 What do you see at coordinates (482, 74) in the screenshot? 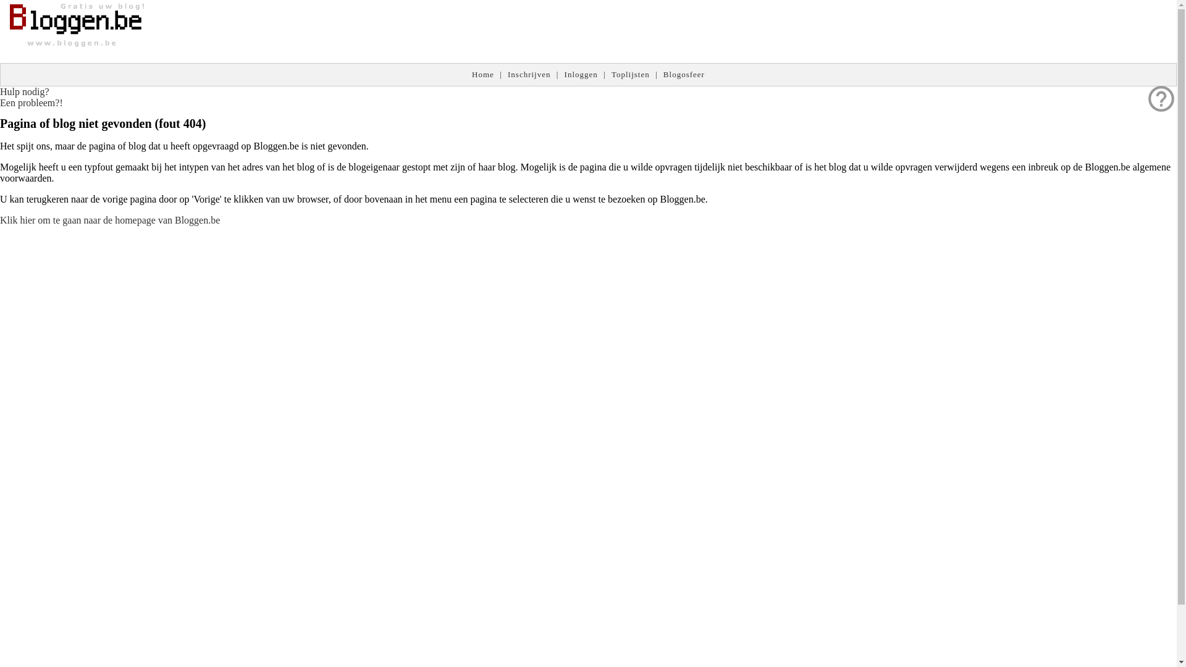
I see `'Home'` at bounding box center [482, 74].